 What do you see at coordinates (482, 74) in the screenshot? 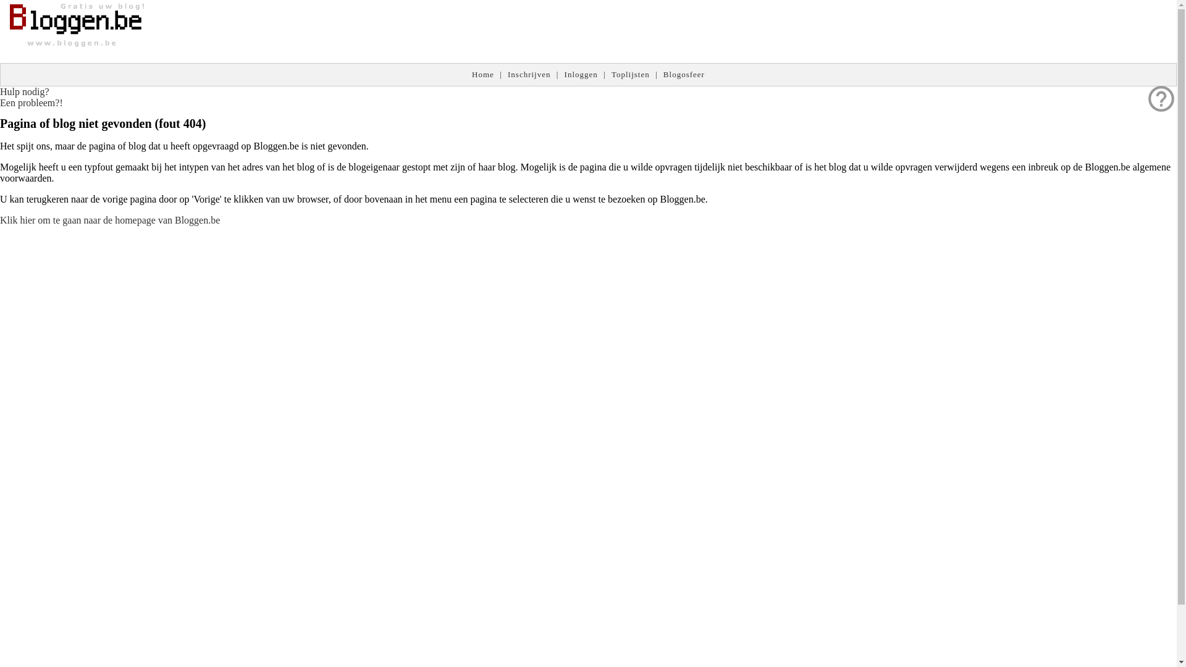
I see `'Home'` at bounding box center [482, 74].